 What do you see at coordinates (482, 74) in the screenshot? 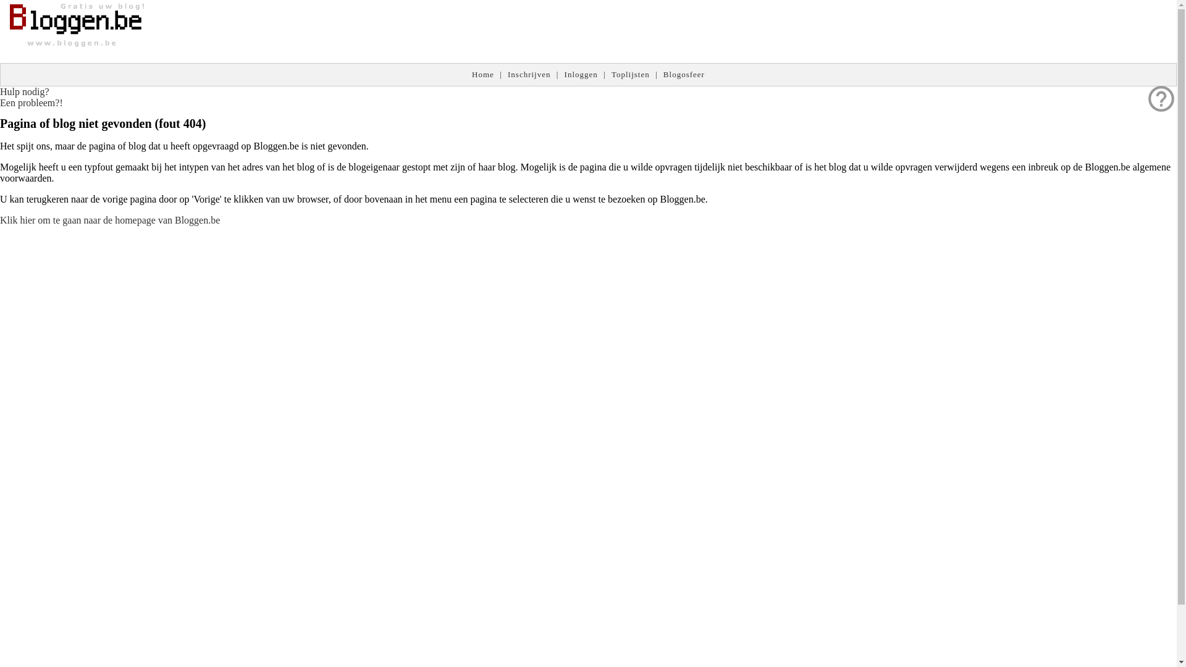
I see `'Home'` at bounding box center [482, 74].